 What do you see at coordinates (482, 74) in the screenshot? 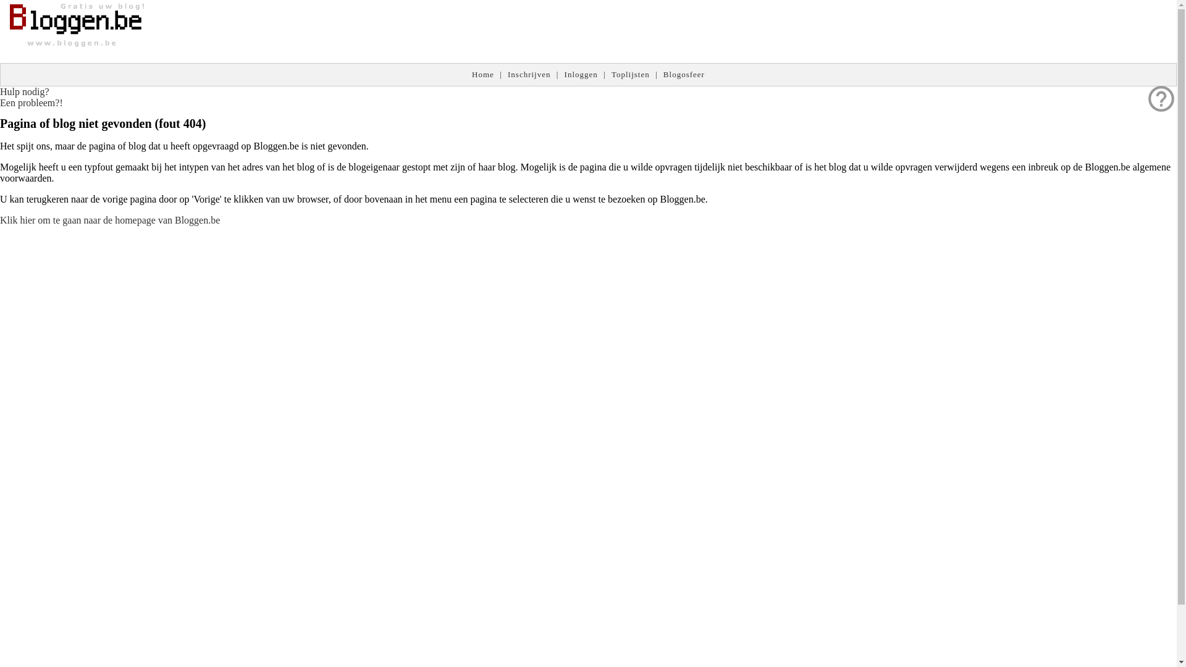
I see `'Home'` at bounding box center [482, 74].